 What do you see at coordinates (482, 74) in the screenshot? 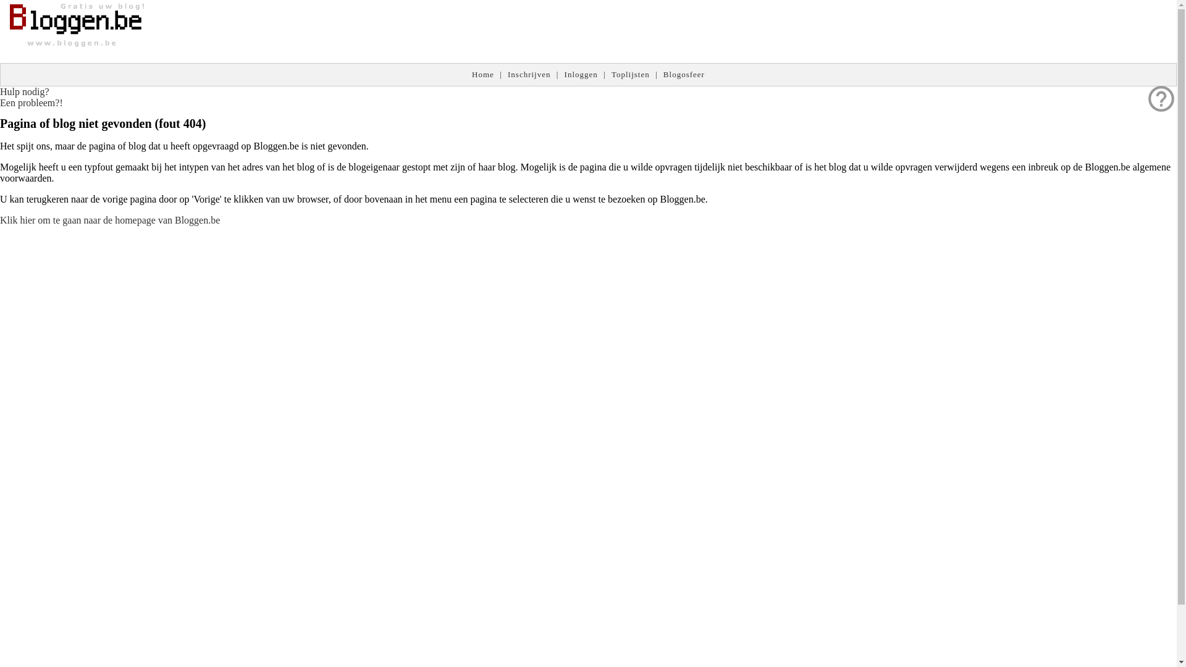
I see `'Home'` at bounding box center [482, 74].